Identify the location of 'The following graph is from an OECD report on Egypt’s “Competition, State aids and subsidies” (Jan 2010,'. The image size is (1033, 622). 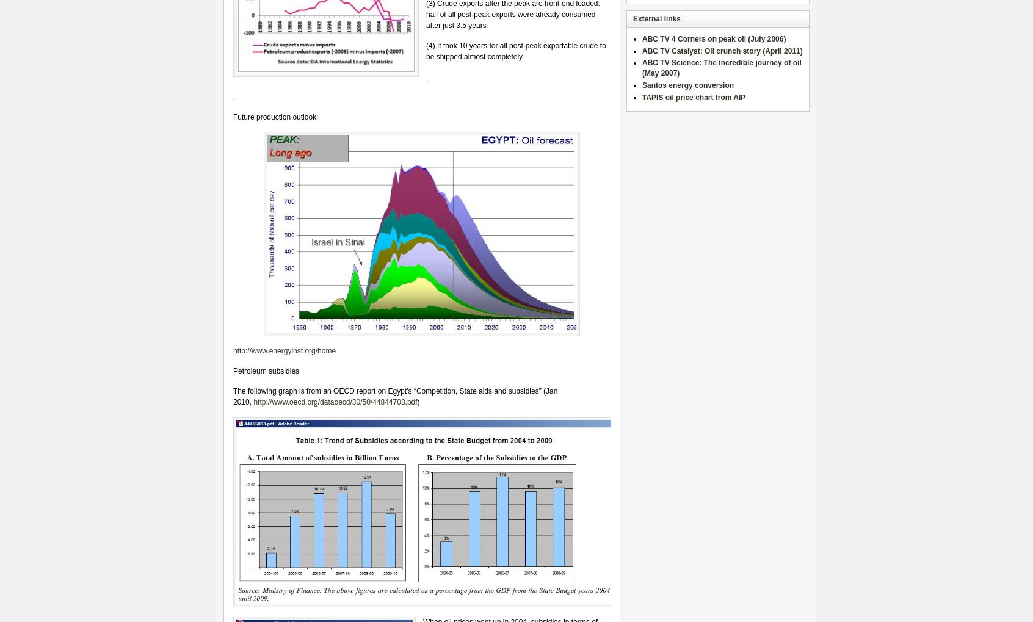
(395, 396).